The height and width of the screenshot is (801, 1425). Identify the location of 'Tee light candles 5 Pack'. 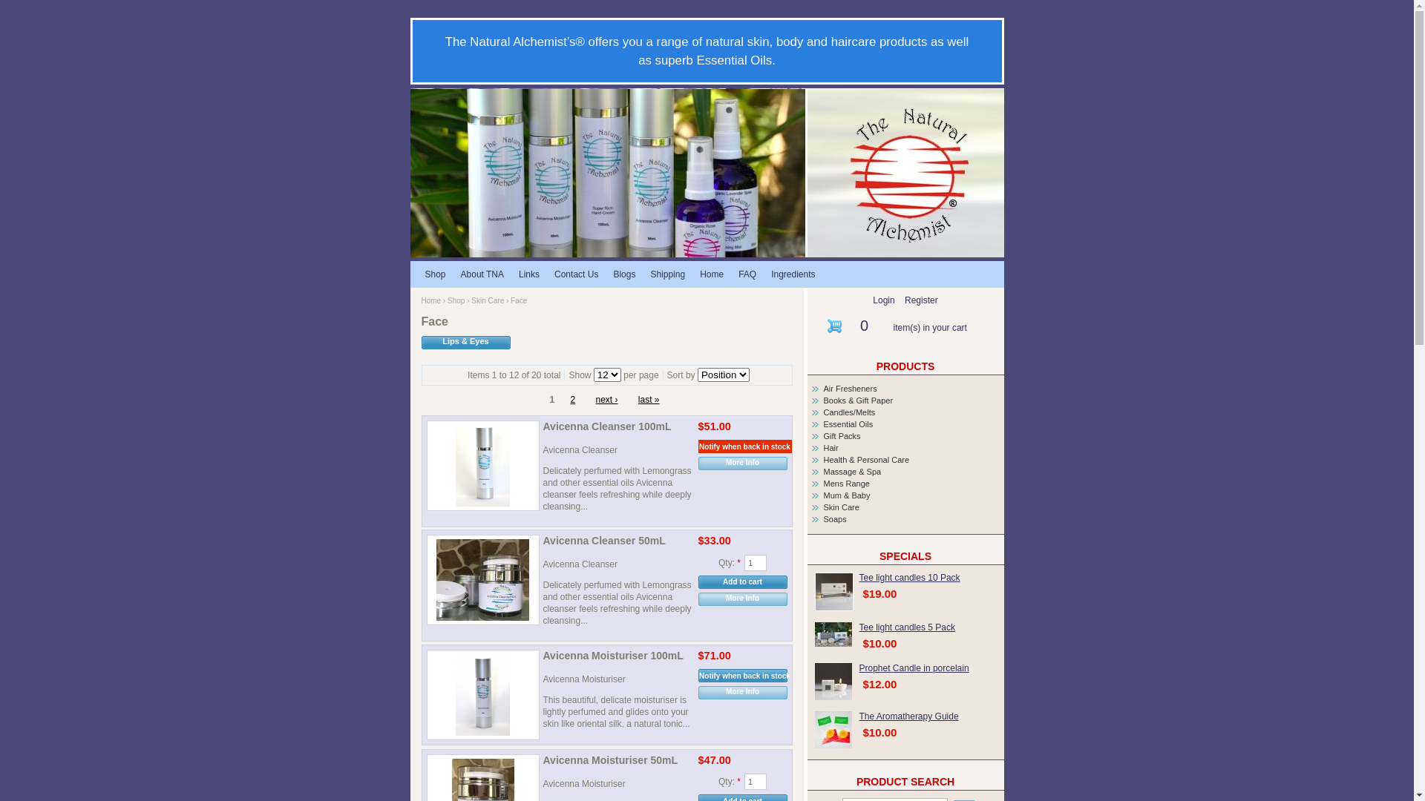
(906, 627).